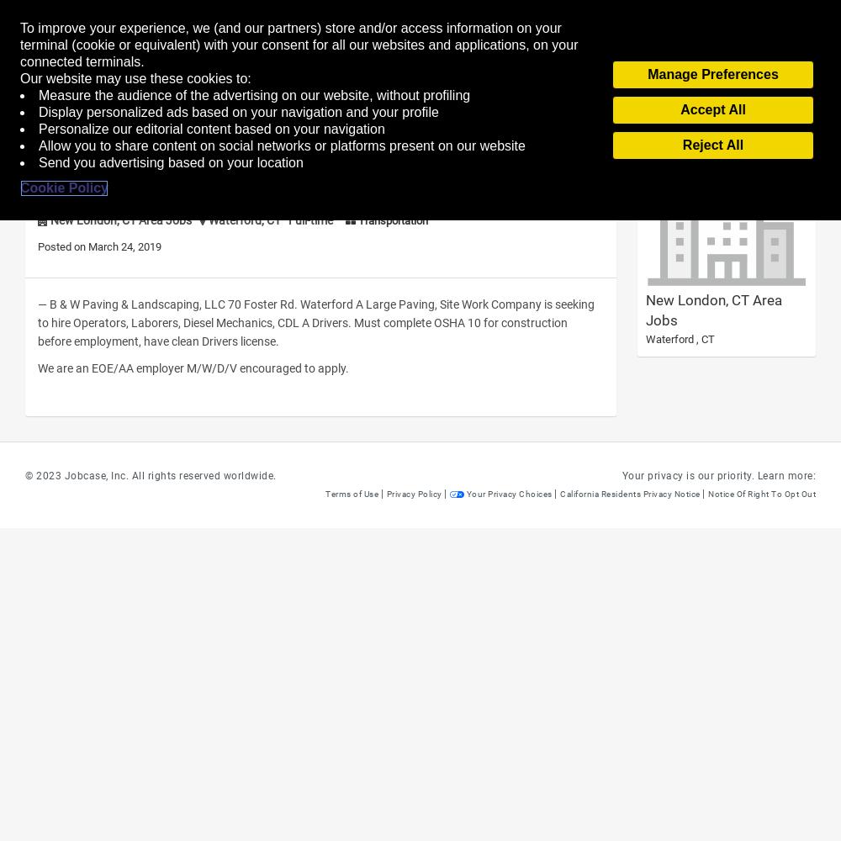 The width and height of the screenshot is (841, 841). I want to click on 'California Residents Privacy Notice', so click(560, 493).